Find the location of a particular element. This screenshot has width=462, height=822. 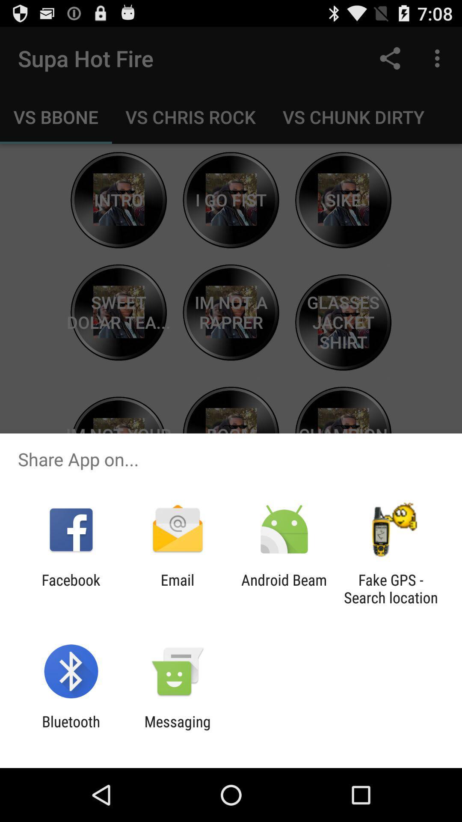

the icon to the right of the facebook icon is located at coordinates (177, 588).